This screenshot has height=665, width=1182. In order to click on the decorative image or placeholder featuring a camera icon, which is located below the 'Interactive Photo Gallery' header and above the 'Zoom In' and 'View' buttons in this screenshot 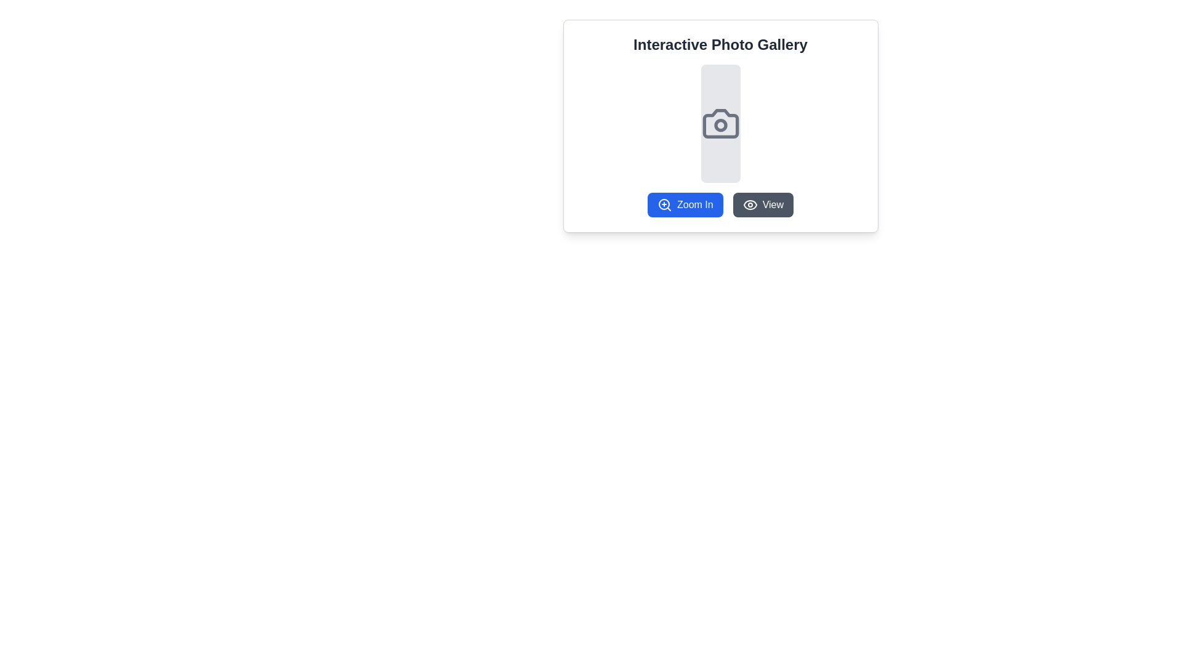, I will do `click(720, 123)`.